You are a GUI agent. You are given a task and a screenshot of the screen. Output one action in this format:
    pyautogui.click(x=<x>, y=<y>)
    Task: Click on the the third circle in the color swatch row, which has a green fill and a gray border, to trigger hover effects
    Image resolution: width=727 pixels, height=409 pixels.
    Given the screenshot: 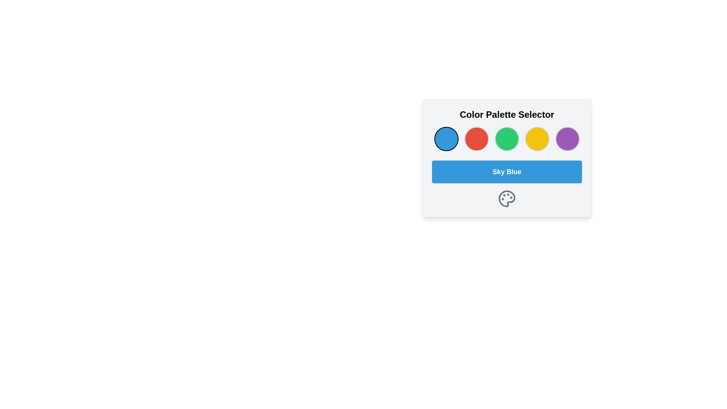 What is the action you would take?
    pyautogui.click(x=507, y=139)
    